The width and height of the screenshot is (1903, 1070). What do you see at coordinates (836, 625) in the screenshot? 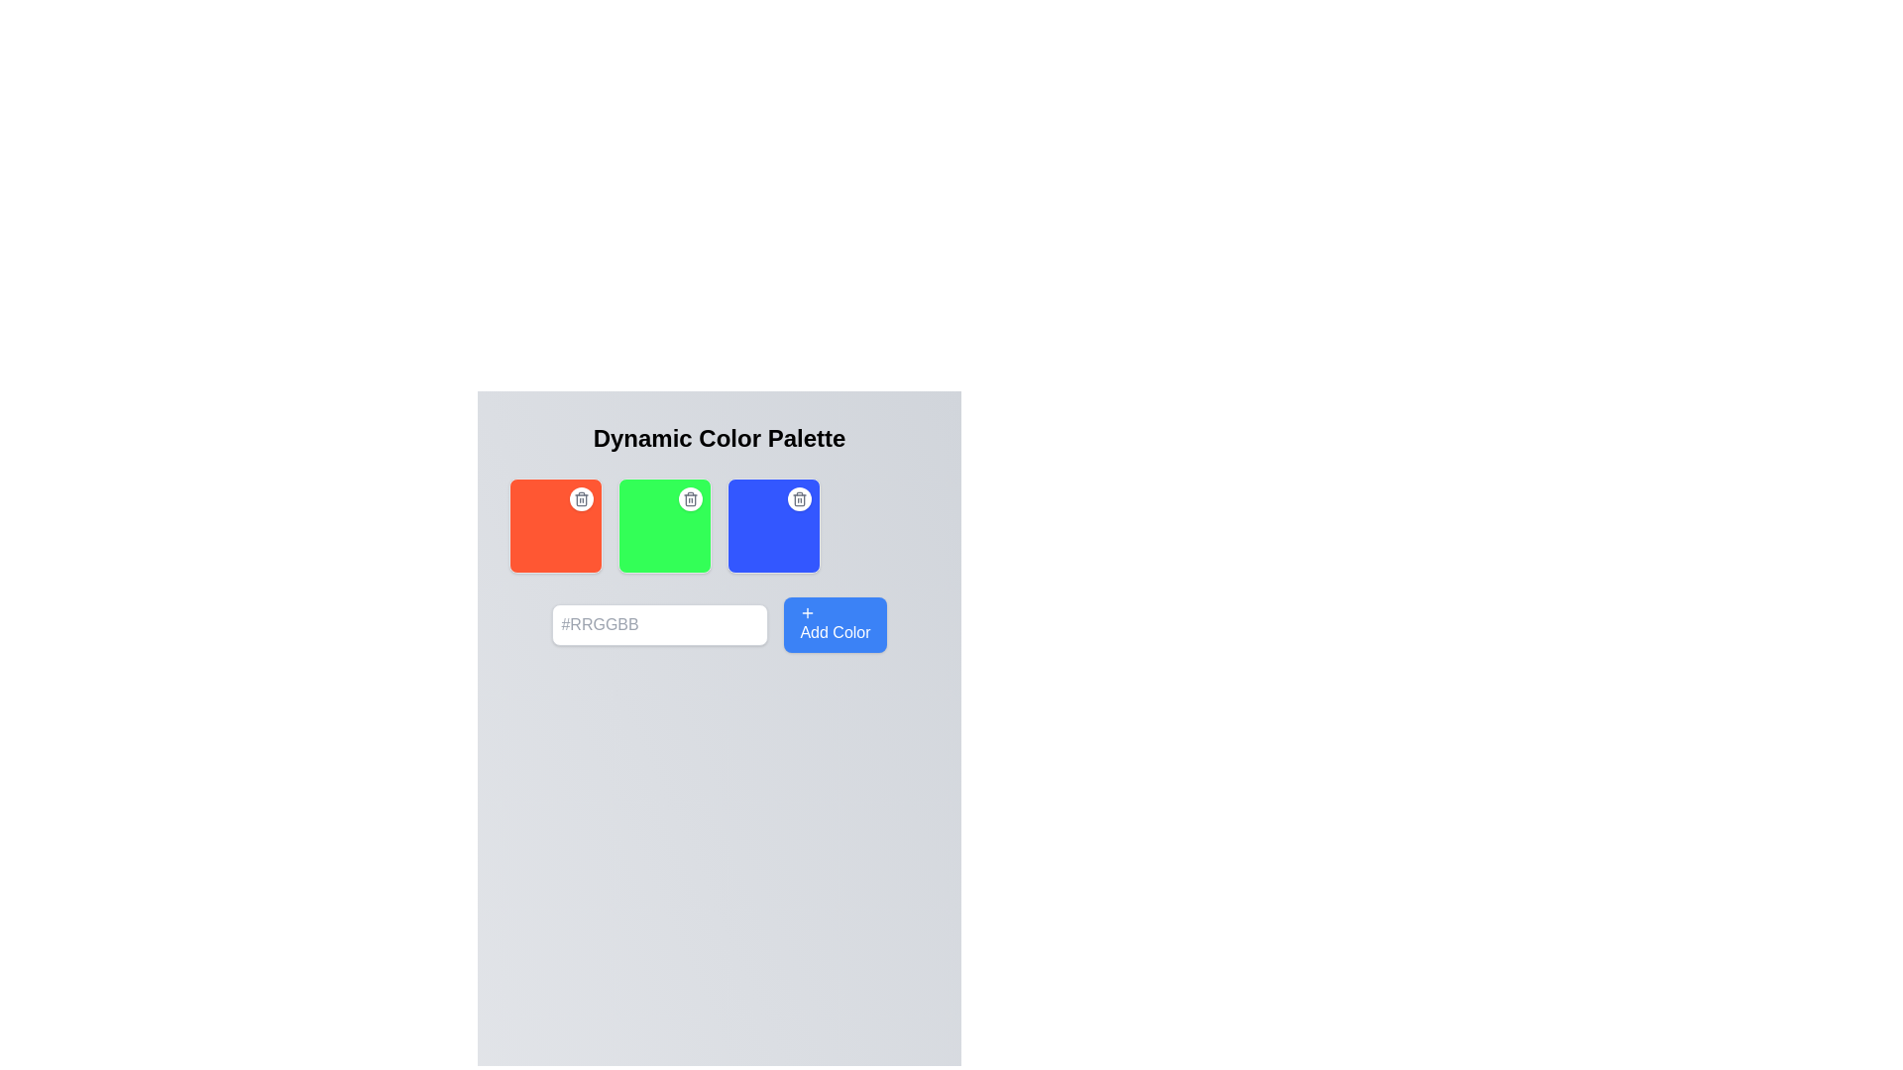
I see `the button used to add a new color to the palette` at bounding box center [836, 625].